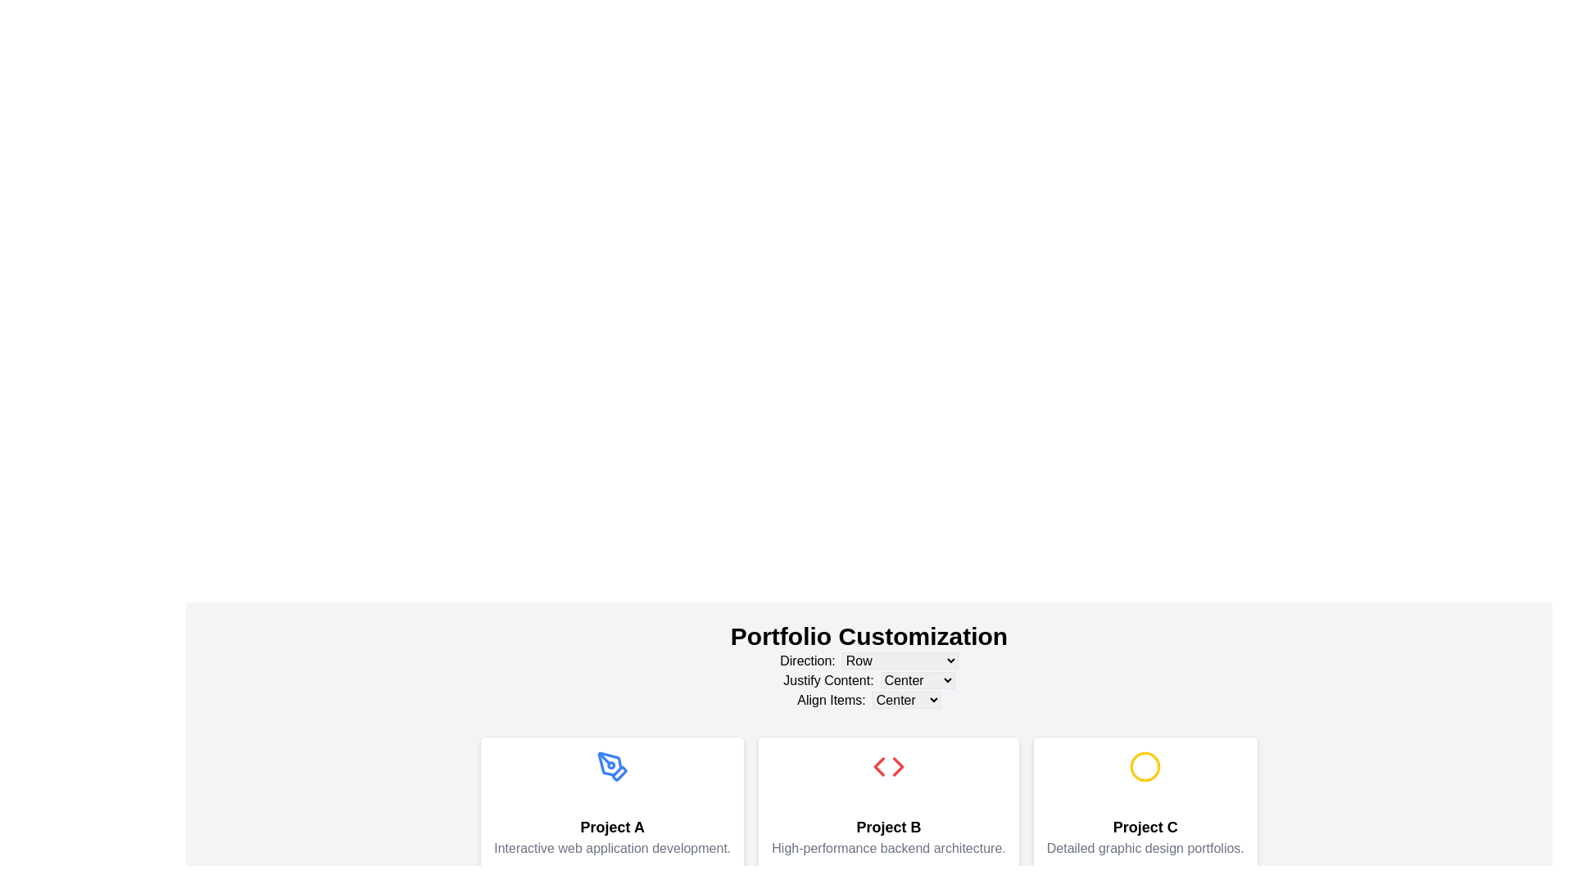  What do you see at coordinates (619, 773) in the screenshot?
I see `the topmost part of the pen tool icon, which is part of the decorative graphic for 'Project A', located on the leftmost card in a row of three` at bounding box center [619, 773].